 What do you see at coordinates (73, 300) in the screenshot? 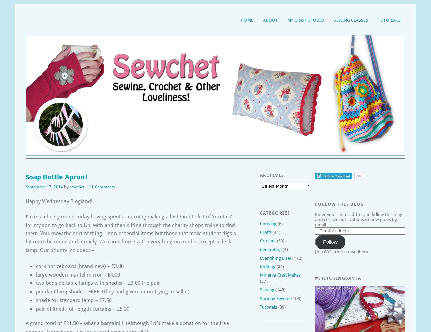
I see `'shade for standard lamp – £7.50'` at bounding box center [73, 300].